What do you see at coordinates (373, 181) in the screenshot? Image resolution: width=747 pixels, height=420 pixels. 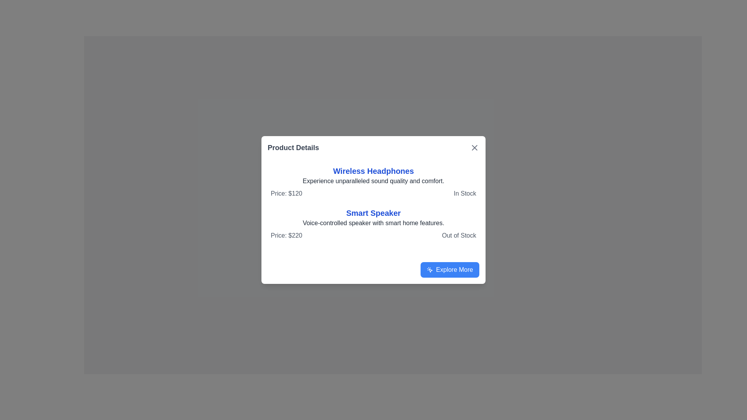 I see `the static text UI element that states 'Experience unparalleled sound quality and comfort.', which is located below the heading 'Wireless Headphones' in the card layout` at bounding box center [373, 181].